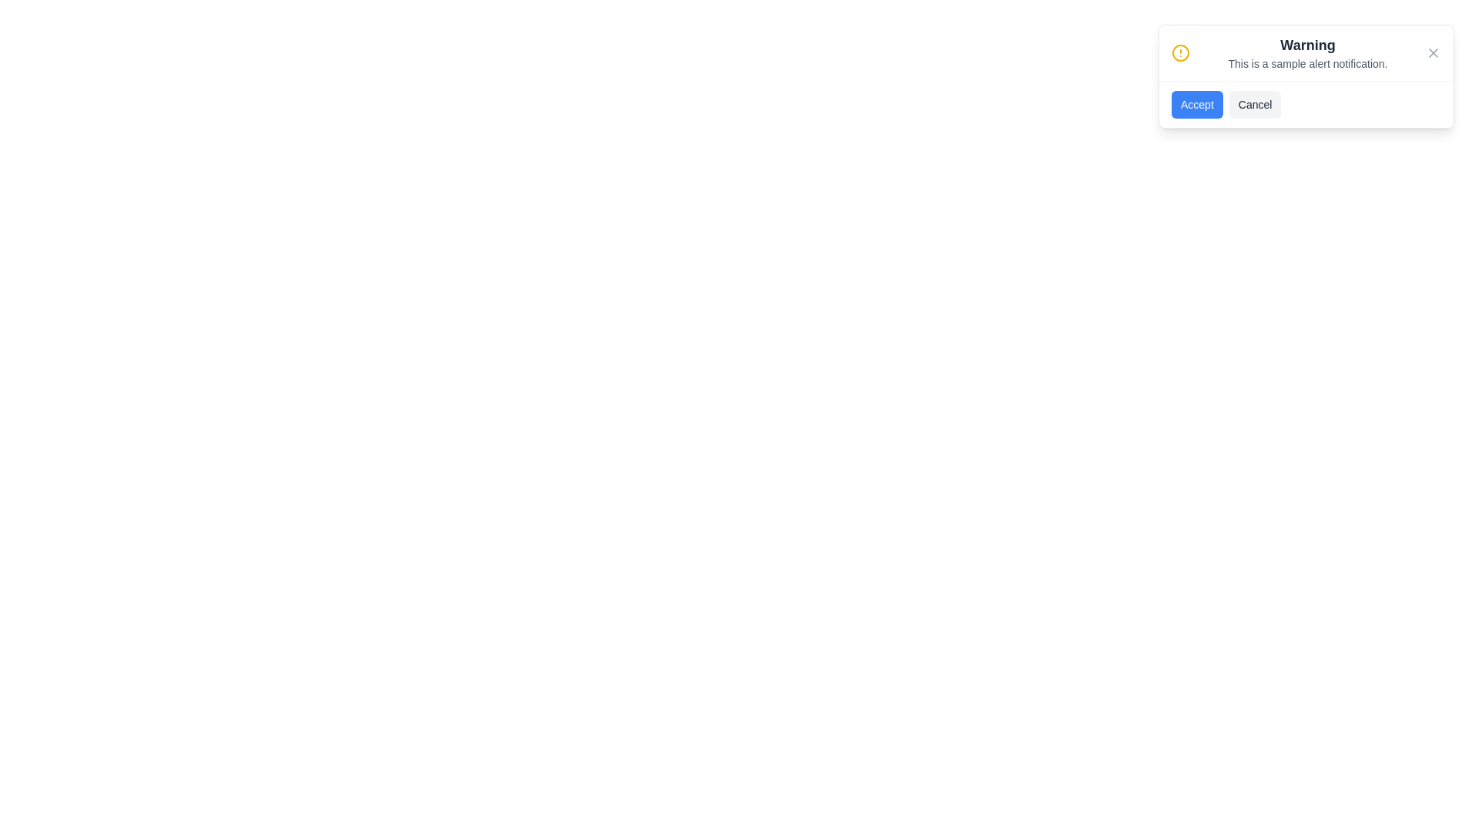  What do you see at coordinates (1179, 52) in the screenshot?
I see `the circular SVG shape that is part of the alert icon preceding the 'Warning' text in the alert dialog` at bounding box center [1179, 52].